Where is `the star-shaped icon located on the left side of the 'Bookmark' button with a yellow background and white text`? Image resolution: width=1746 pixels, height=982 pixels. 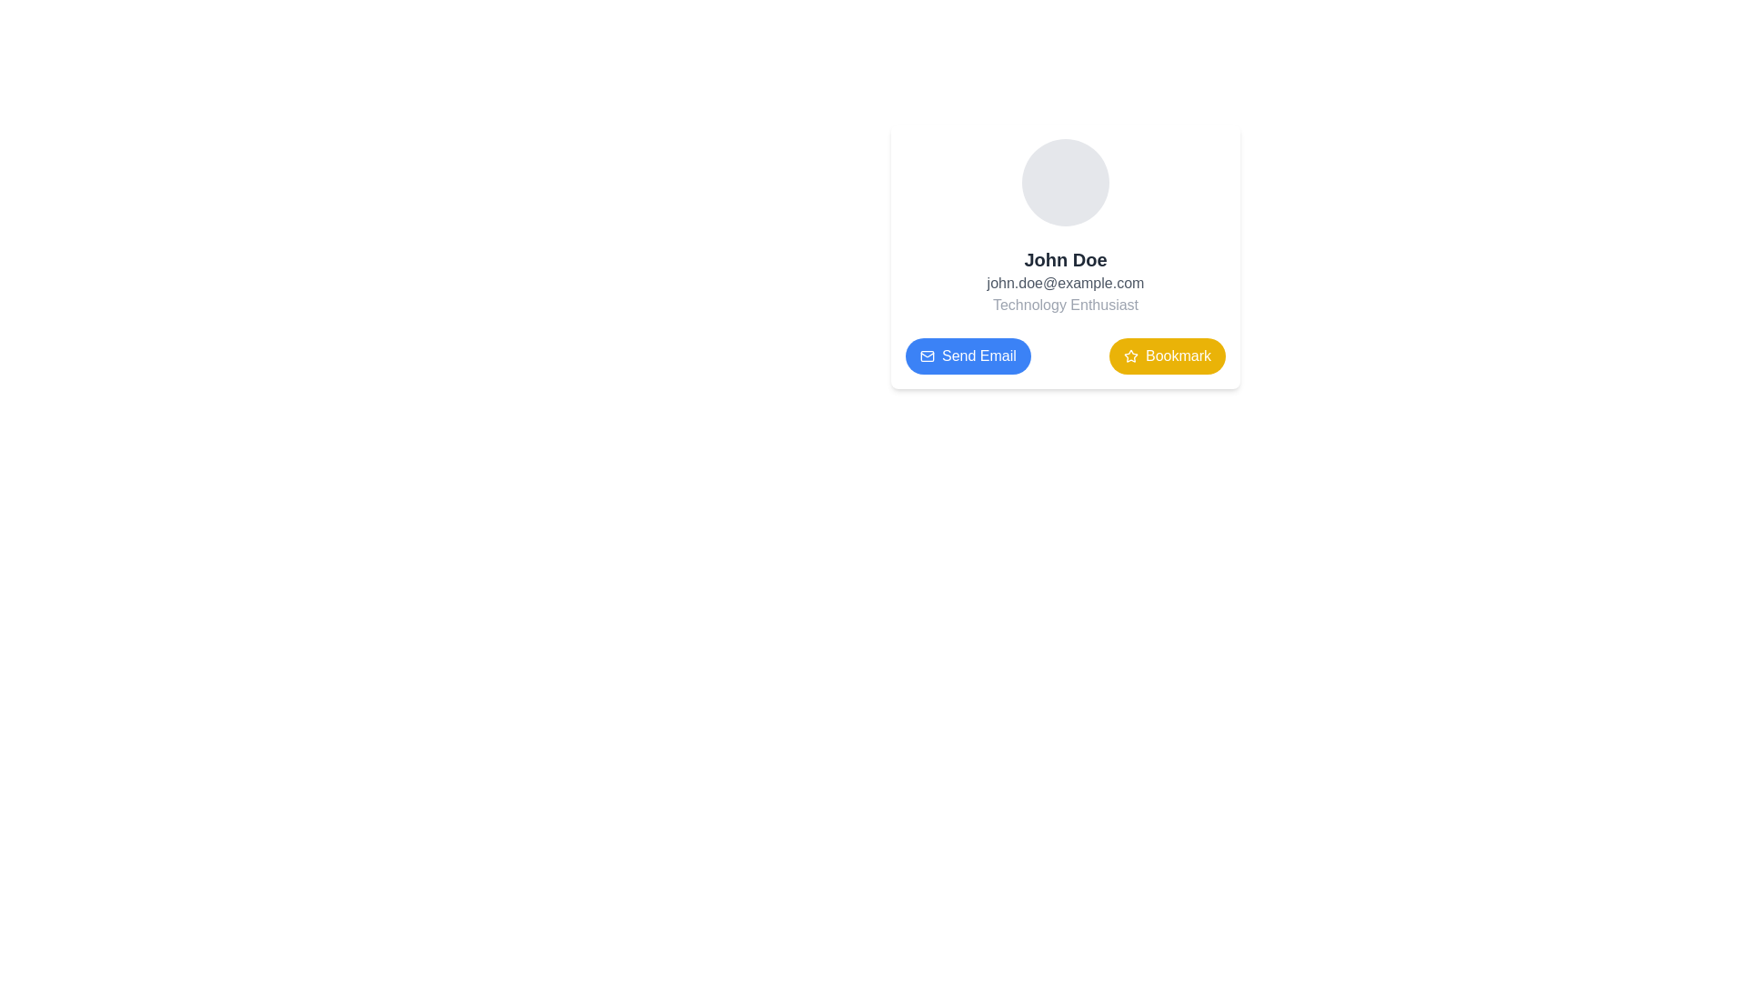 the star-shaped icon located on the left side of the 'Bookmark' button with a yellow background and white text is located at coordinates (1129, 356).